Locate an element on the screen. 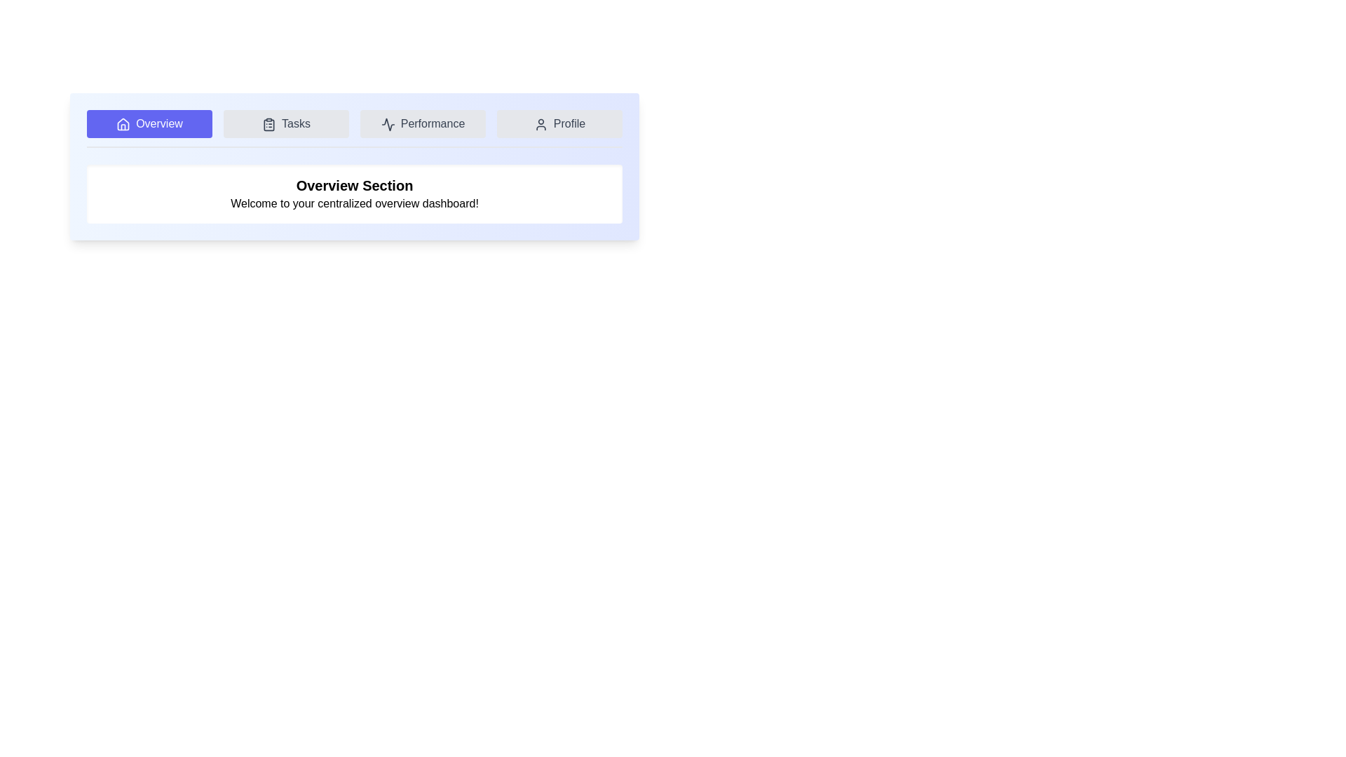 The image size is (1346, 757). the navigation button located between the 'Overview' and 'Performance' buttons is located at coordinates (285, 123).